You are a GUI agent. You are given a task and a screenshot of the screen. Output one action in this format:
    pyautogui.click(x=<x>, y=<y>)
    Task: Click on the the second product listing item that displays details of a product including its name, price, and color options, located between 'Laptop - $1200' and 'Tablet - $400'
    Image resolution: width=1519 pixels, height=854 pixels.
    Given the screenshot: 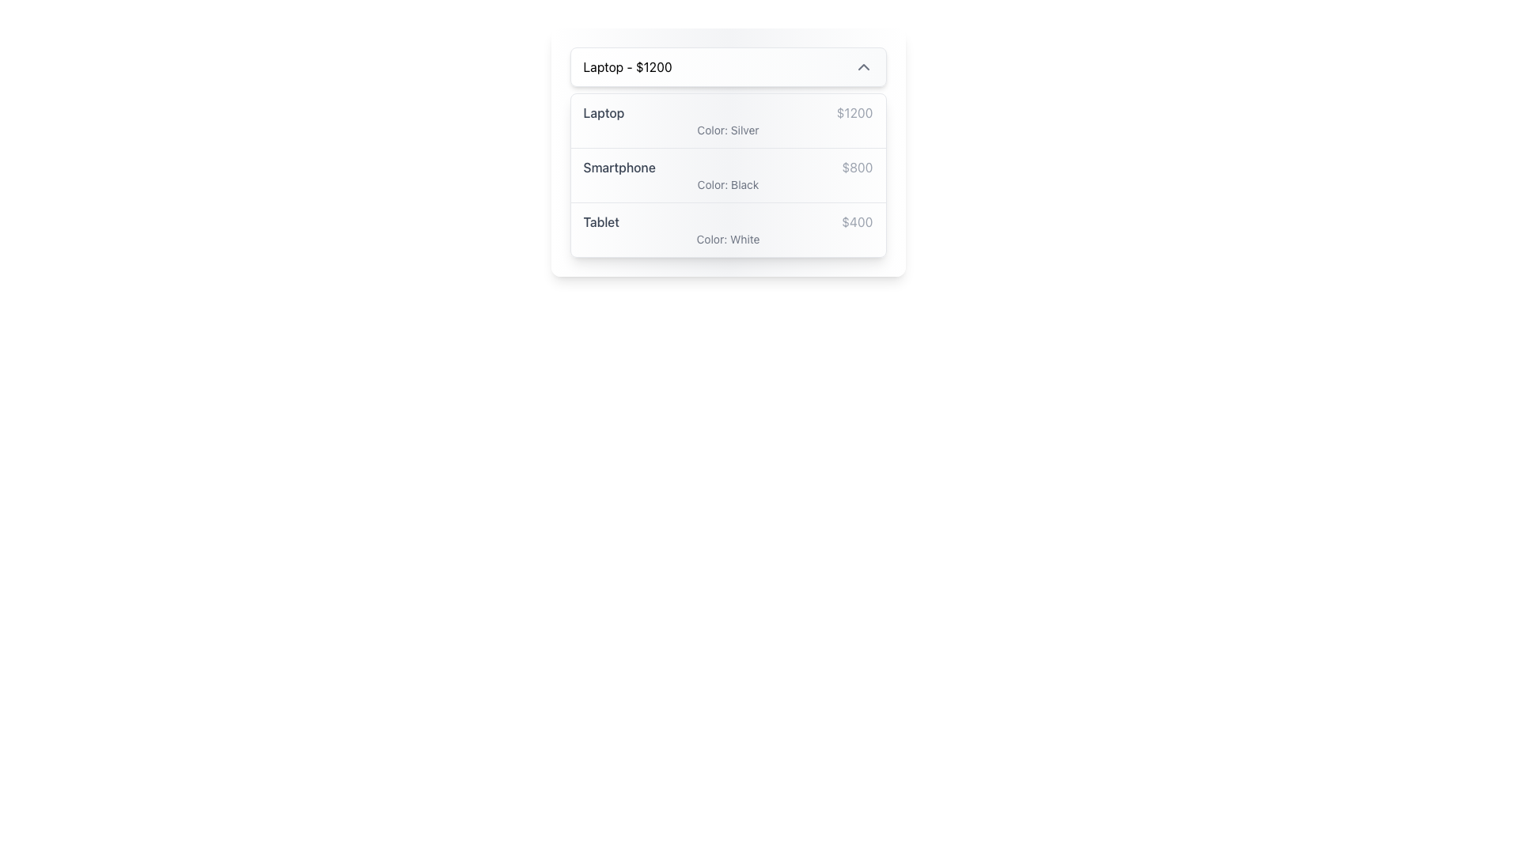 What is the action you would take?
    pyautogui.click(x=727, y=152)
    